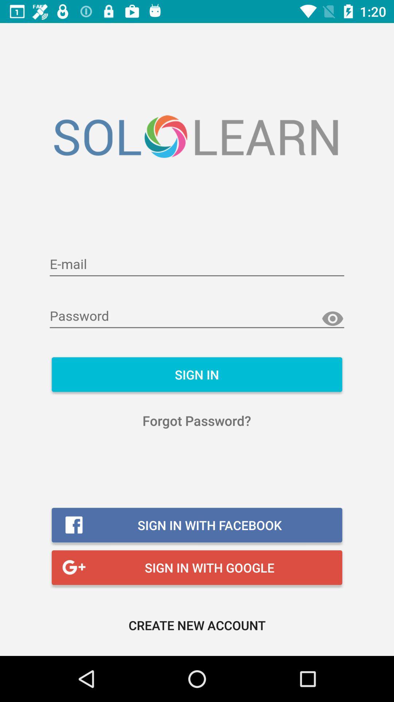 The height and width of the screenshot is (702, 394). Describe the element at coordinates (197, 316) in the screenshot. I see `password` at that location.